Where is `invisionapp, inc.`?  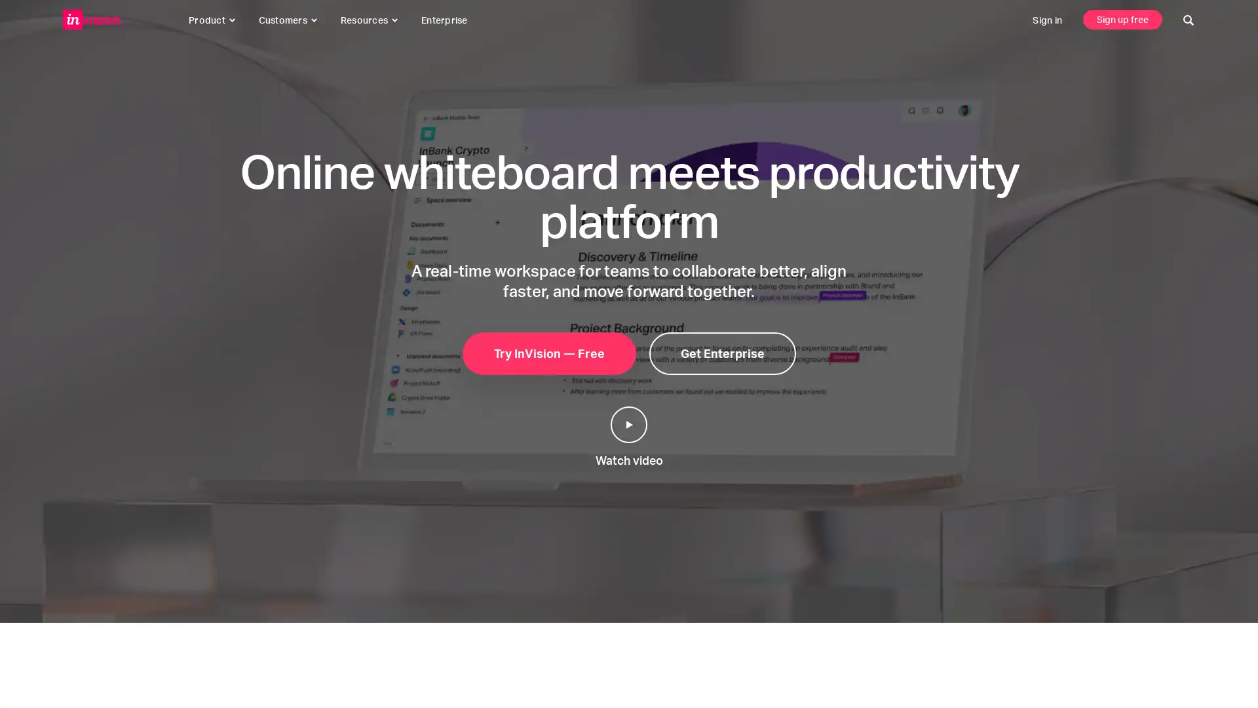 invisionapp, inc. is located at coordinates (91, 20).